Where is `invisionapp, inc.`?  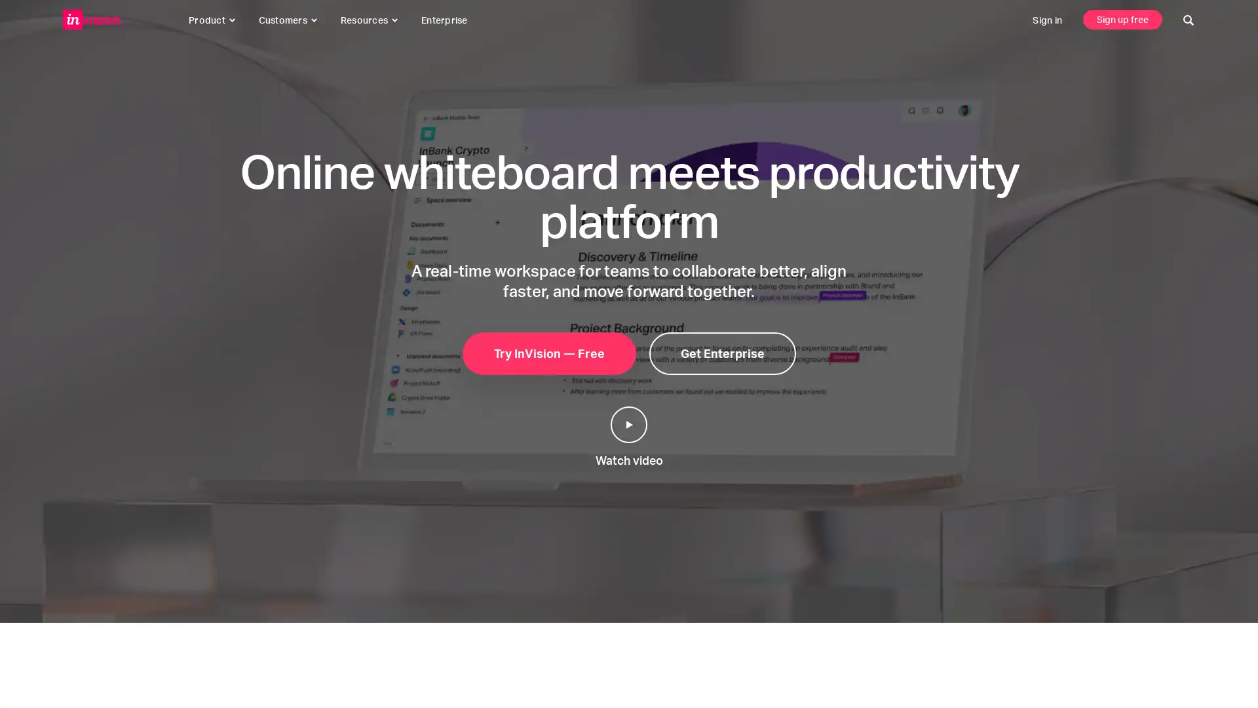 invisionapp, inc. is located at coordinates (91, 20).